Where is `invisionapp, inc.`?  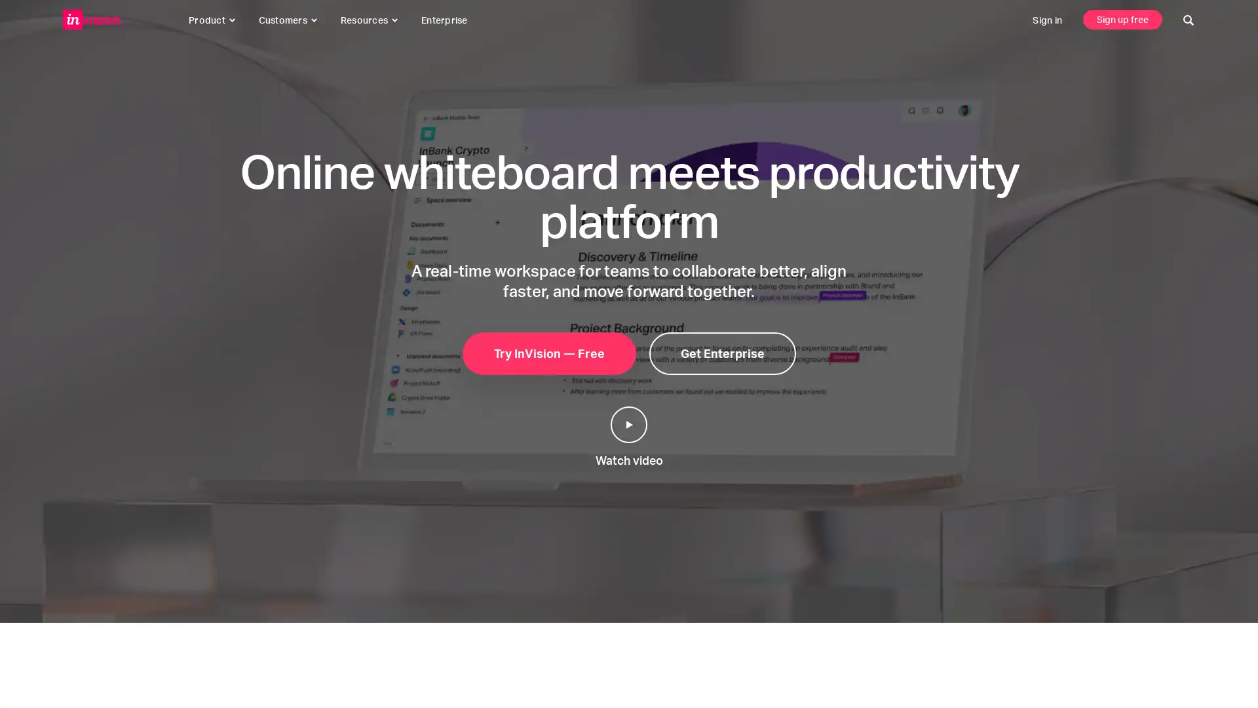 invisionapp, inc. is located at coordinates (91, 20).